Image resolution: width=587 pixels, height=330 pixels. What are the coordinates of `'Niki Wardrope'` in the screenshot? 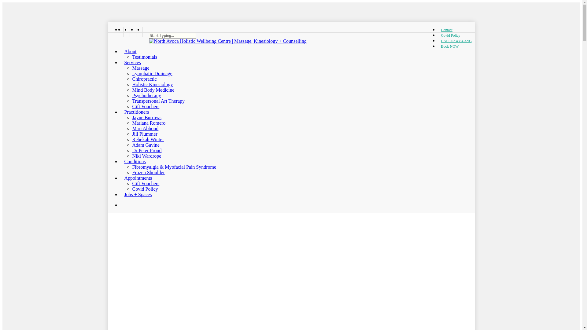 It's located at (146, 156).